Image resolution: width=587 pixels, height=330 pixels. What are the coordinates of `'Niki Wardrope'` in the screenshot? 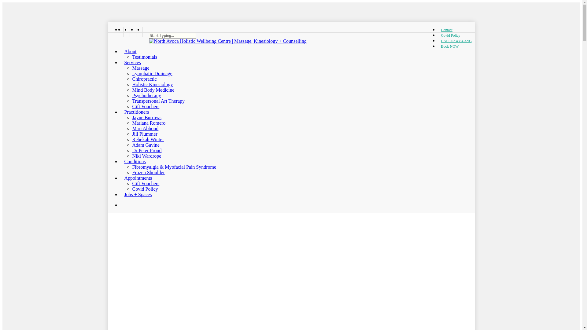 It's located at (146, 156).